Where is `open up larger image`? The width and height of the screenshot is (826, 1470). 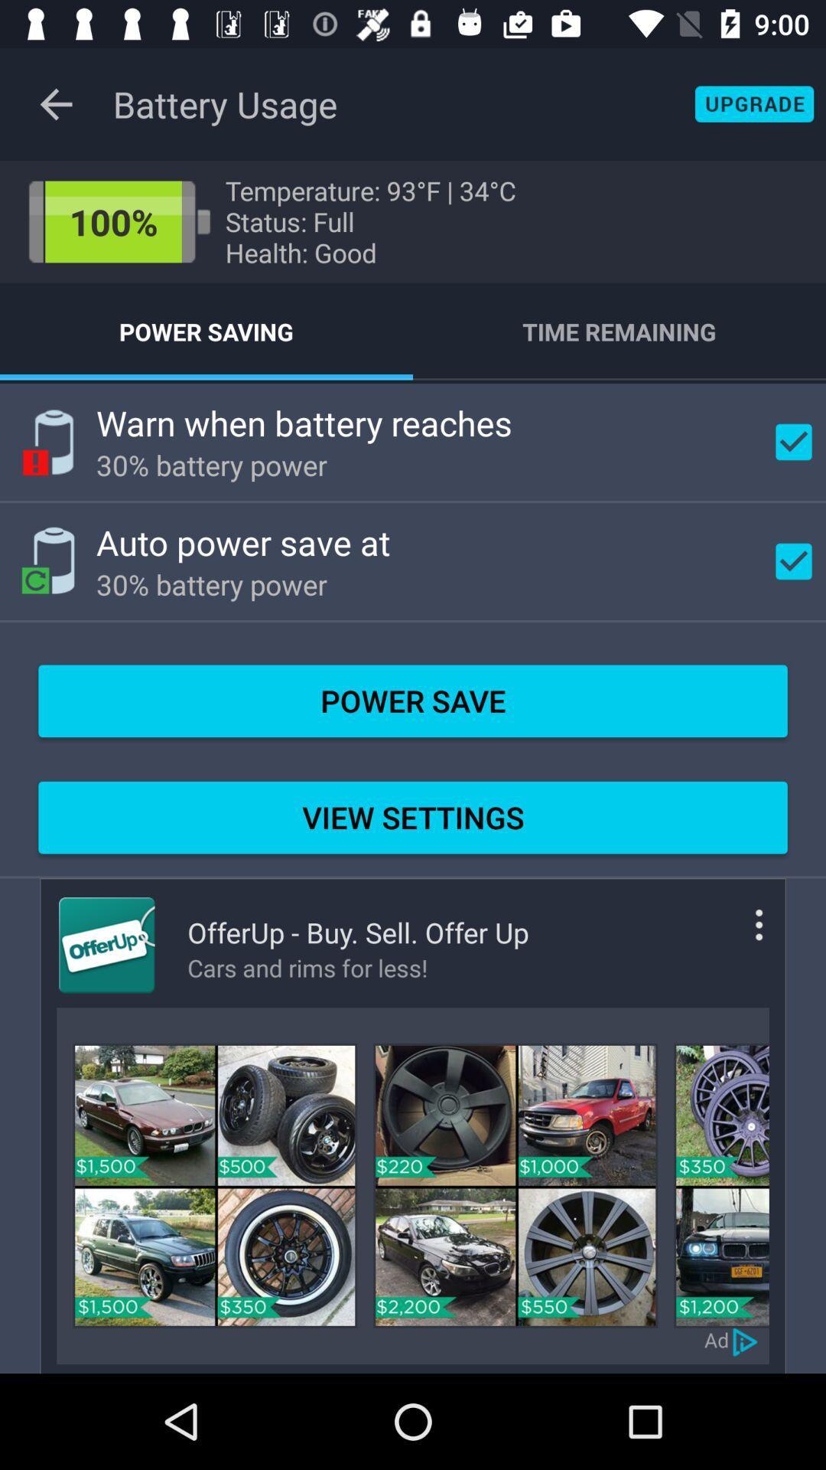 open up larger image is located at coordinates (721, 1184).